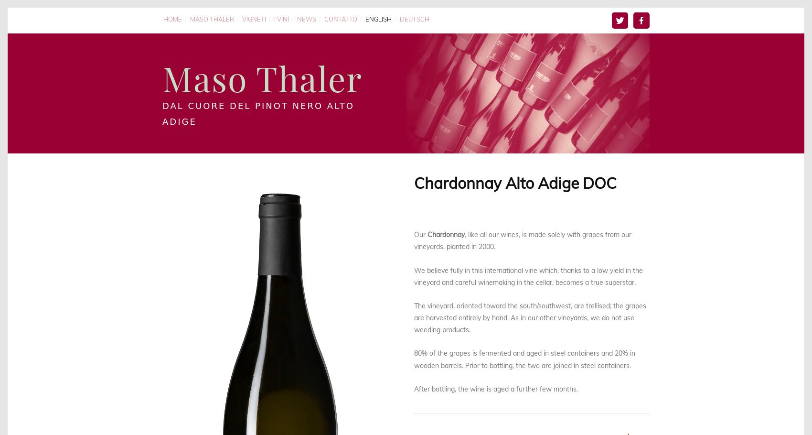  What do you see at coordinates (531, 317) in the screenshot?
I see `'The vineyard, oriented toward the south/southwest, are trellised; the grapes are harvested entirely by hand. As in our other vineyards, we do not use weeding products.'` at bounding box center [531, 317].